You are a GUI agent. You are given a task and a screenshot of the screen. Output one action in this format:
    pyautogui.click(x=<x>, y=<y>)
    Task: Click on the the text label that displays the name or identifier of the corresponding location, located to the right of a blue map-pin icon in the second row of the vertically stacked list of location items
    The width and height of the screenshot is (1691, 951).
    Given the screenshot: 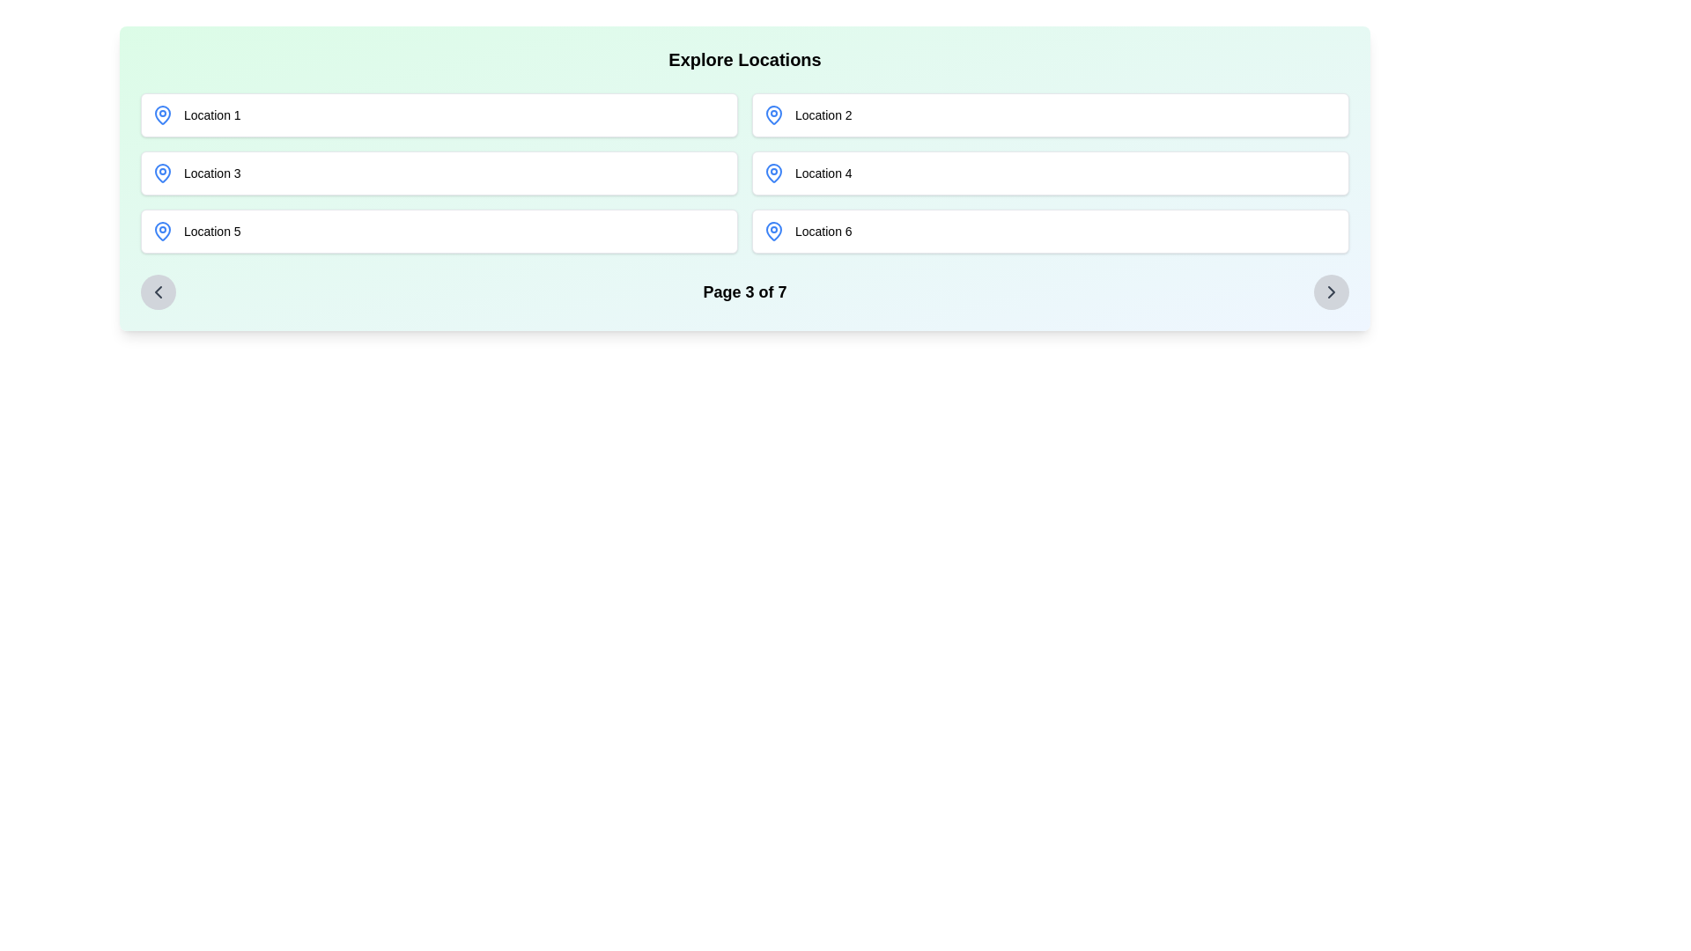 What is the action you would take?
    pyautogui.click(x=211, y=173)
    